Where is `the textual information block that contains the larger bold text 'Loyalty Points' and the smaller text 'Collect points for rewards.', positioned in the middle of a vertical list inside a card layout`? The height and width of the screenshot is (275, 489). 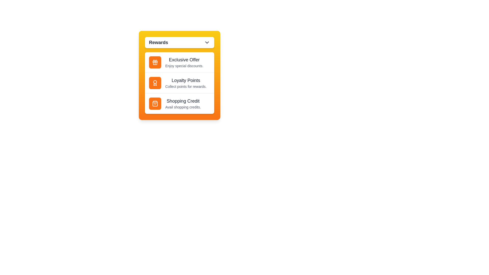
the textual information block that contains the larger bold text 'Loyalty Points' and the smaller text 'Collect points for rewards.', positioned in the middle of a vertical list inside a card layout is located at coordinates (185, 83).